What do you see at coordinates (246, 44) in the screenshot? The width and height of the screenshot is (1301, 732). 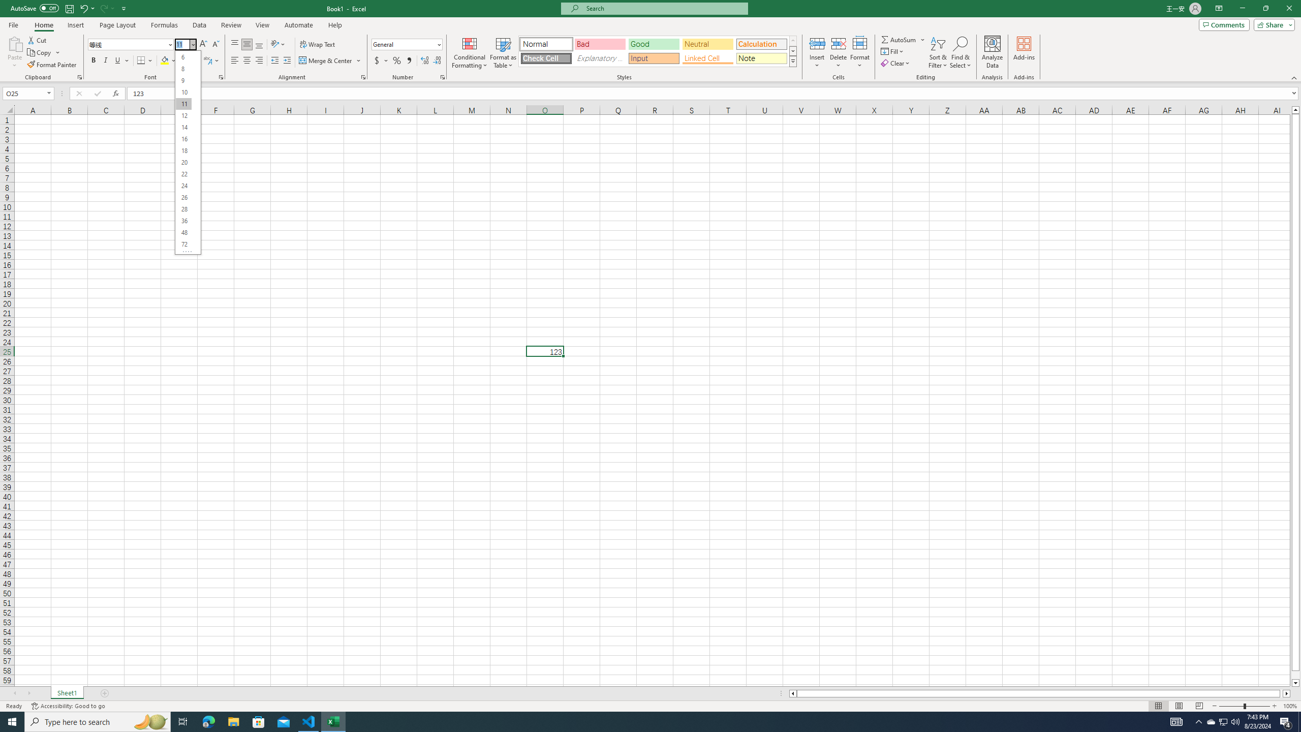 I see `'Middle Align'` at bounding box center [246, 44].